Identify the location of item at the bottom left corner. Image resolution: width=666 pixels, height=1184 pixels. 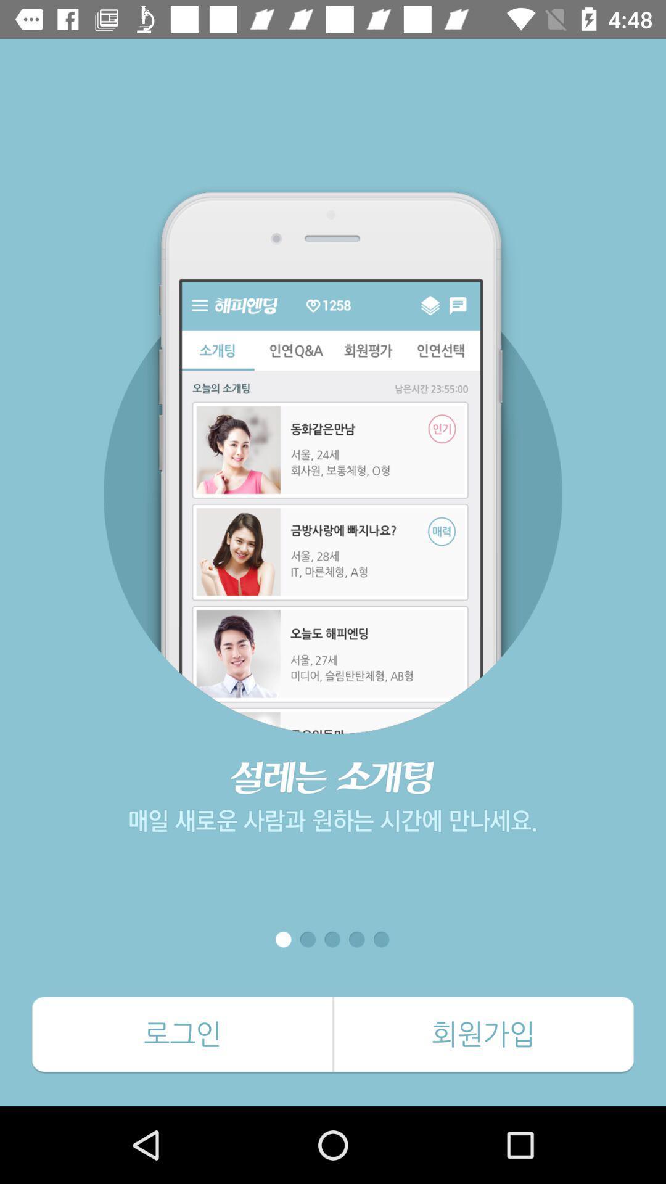
(183, 1035).